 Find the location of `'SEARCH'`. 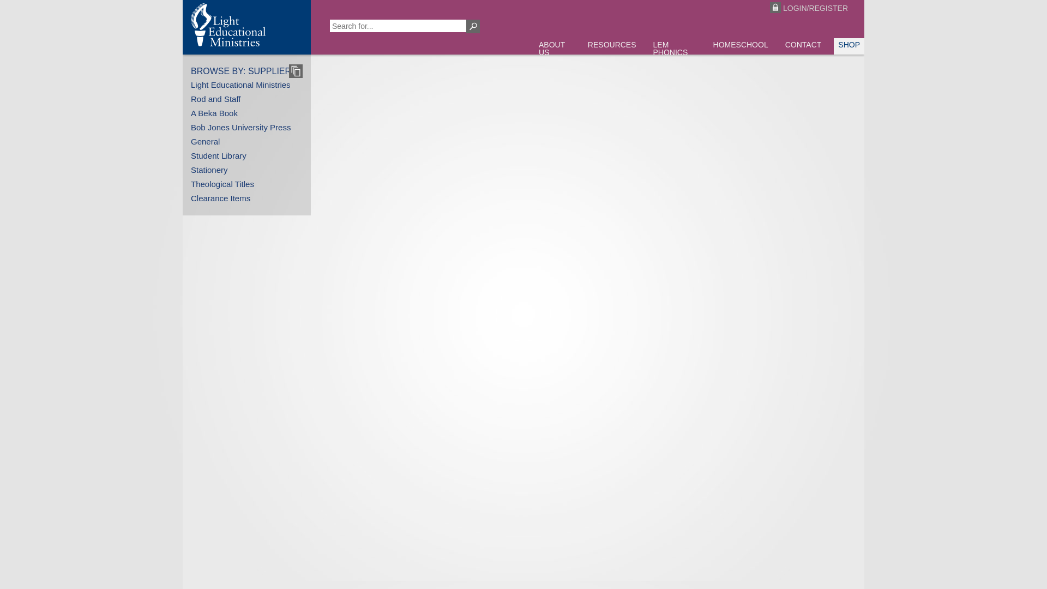

'SEARCH' is located at coordinates (473, 26).